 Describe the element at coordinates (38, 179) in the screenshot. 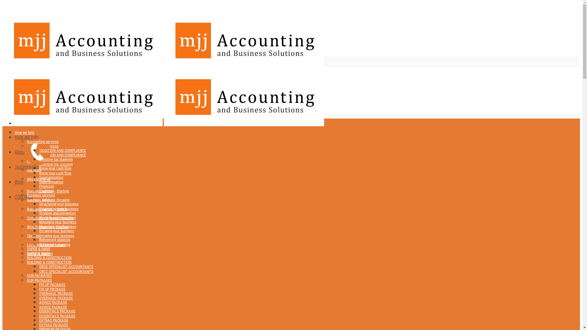

I see `'Why choose us'` at that location.